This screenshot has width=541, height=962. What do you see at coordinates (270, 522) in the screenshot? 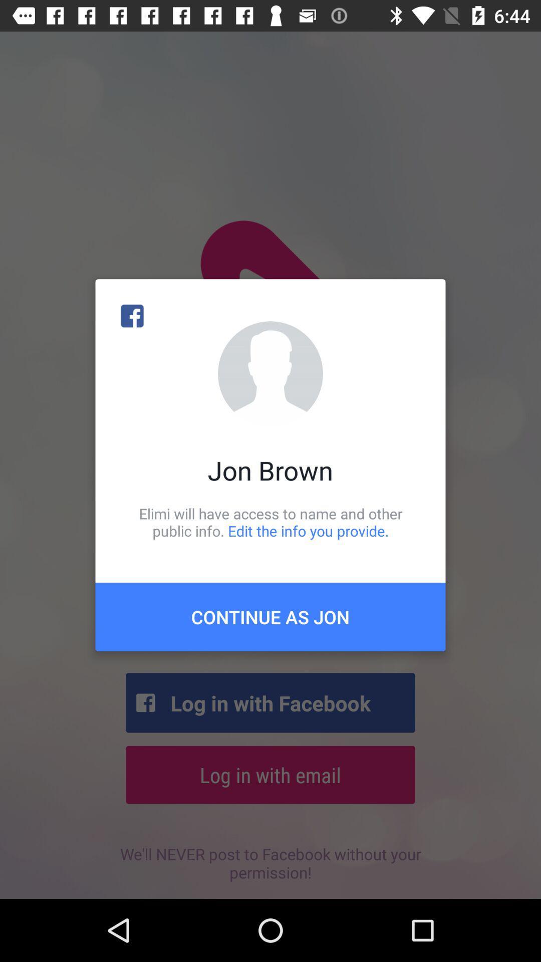
I see `the item above continue as jon` at bounding box center [270, 522].